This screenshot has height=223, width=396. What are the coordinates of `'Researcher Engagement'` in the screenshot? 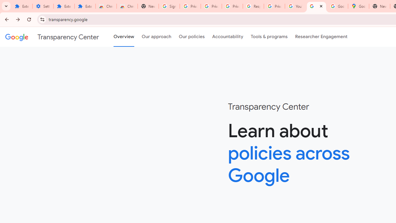 It's located at (321, 37).